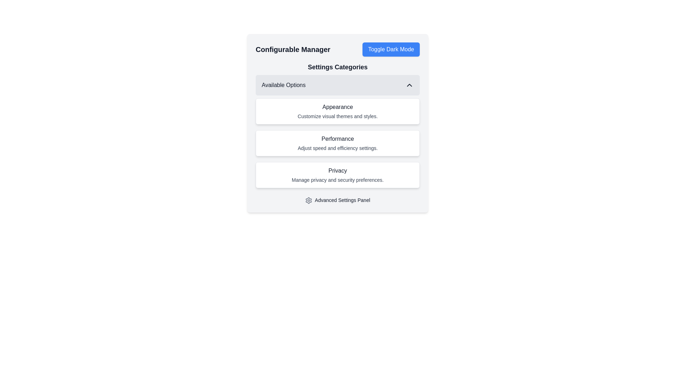 The height and width of the screenshot is (382, 679). Describe the element at coordinates (337, 125) in the screenshot. I see `descriptive information of the Section header located centrally within the 'Appearance' card, below the 'Toggle Dark Mode' button` at that location.